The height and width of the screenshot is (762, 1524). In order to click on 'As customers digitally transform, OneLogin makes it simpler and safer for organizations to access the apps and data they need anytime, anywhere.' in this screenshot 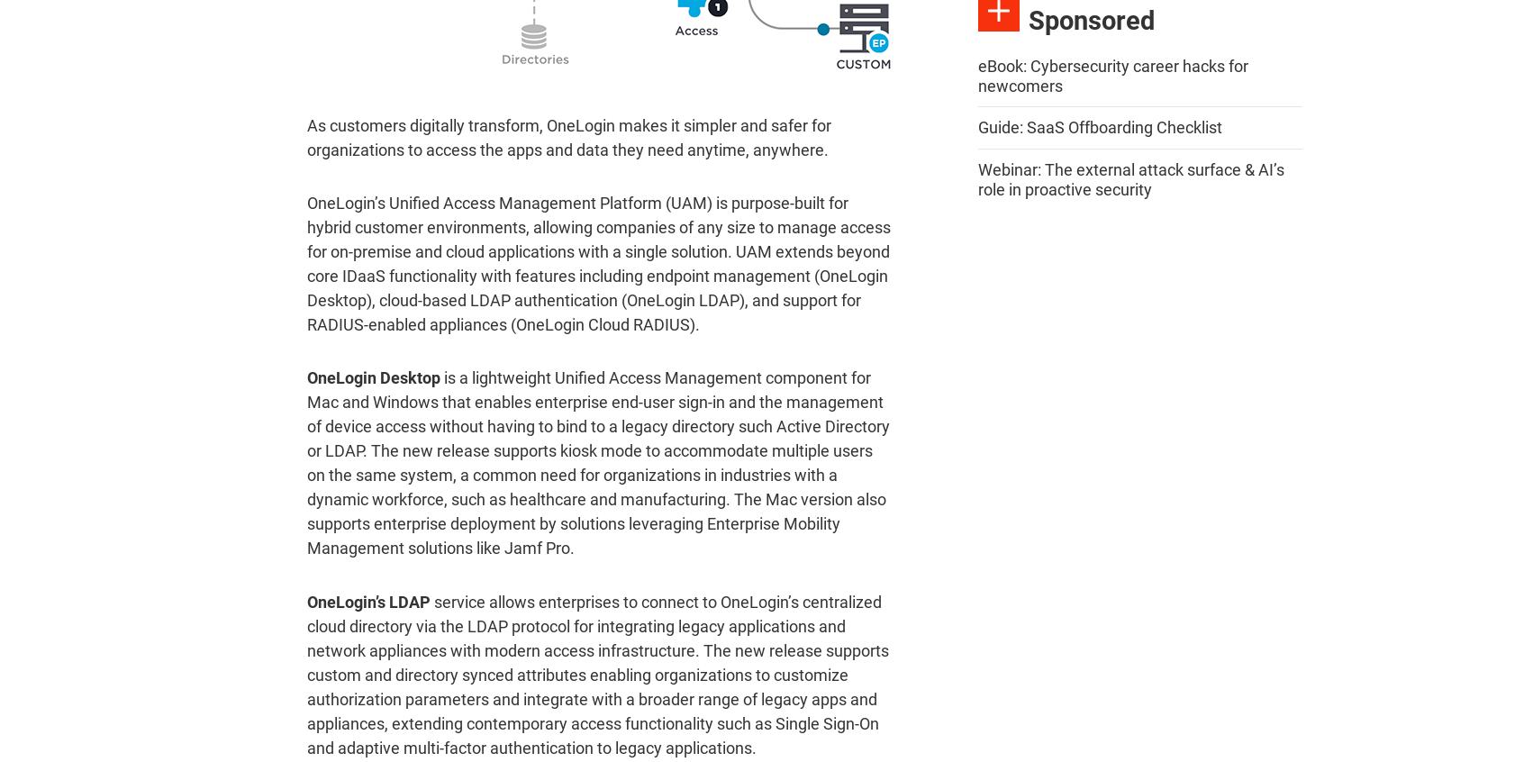, I will do `click(567, 136)`.